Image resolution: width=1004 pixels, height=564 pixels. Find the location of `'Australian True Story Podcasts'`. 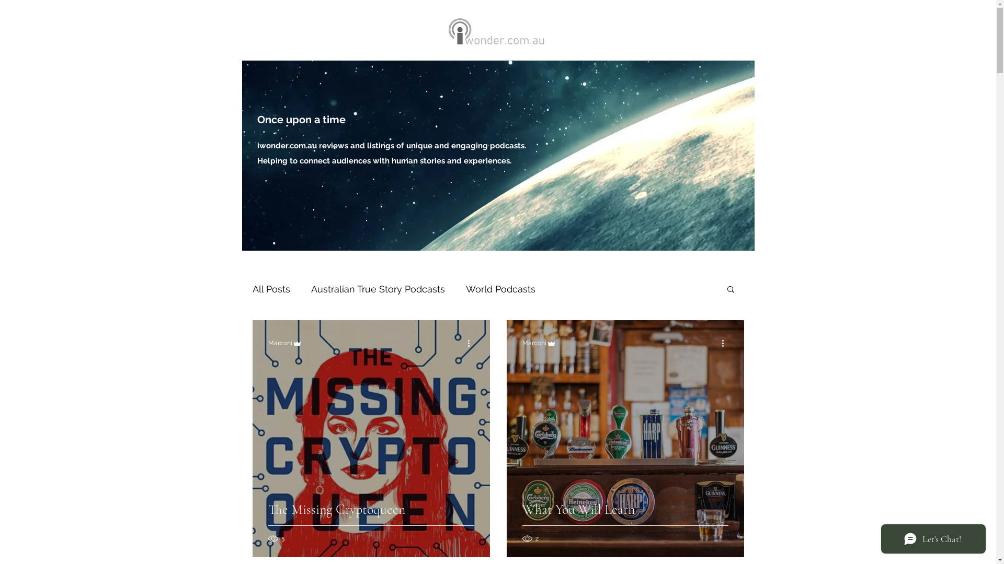

'Australian True Story Podcasts' is located at coordinates (310, 288).